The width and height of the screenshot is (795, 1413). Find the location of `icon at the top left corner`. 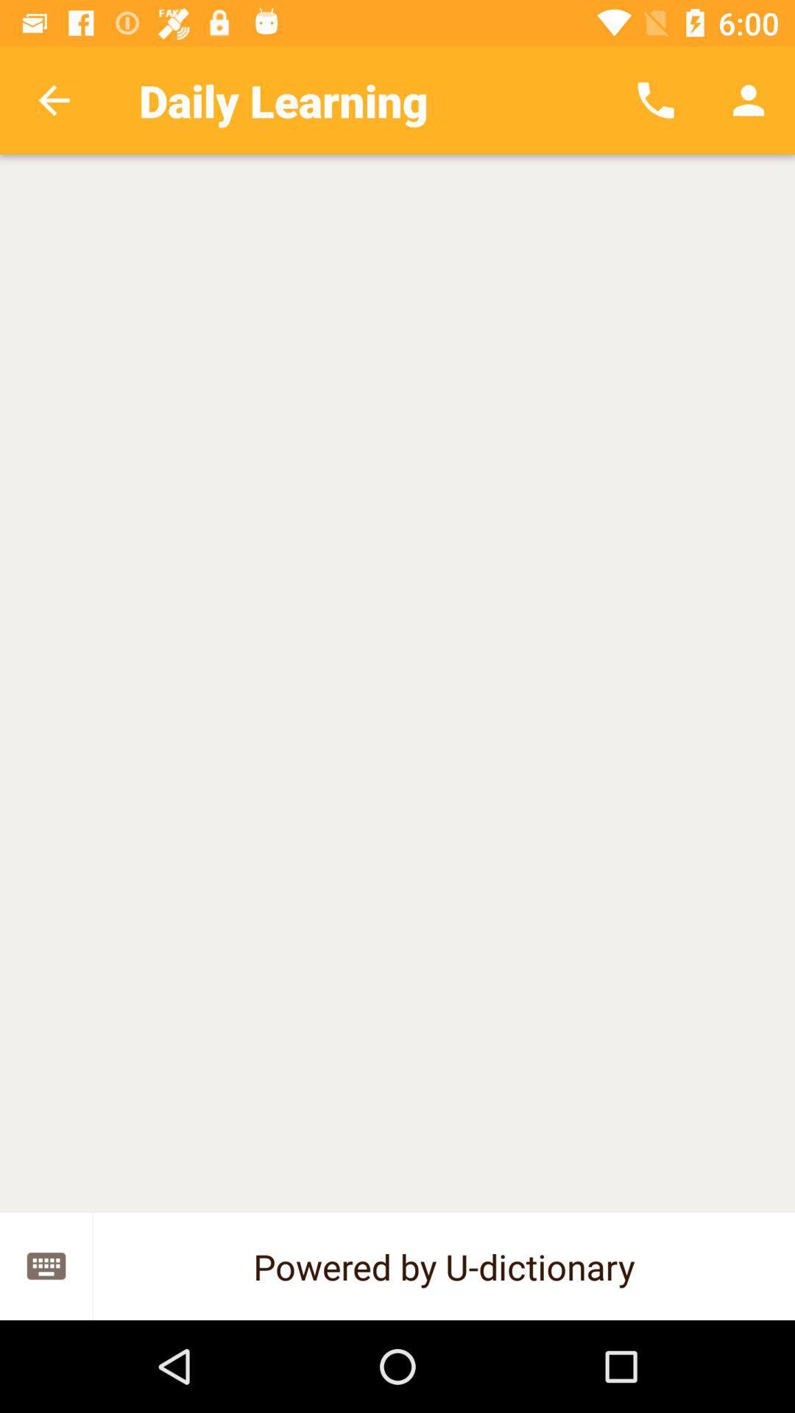

icon at the top left corner is located at coordinates (53, 99).